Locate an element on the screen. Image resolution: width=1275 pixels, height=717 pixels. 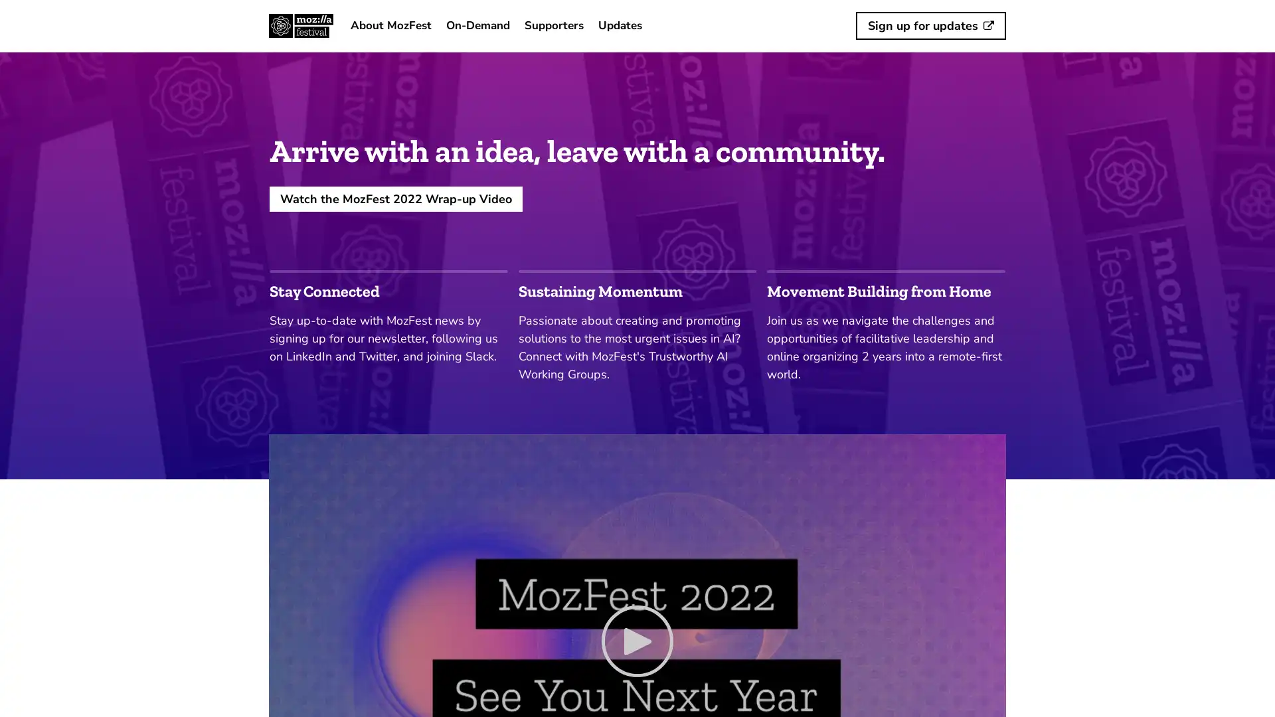
Watch the MozFest 2022 Wrap-up Video is located at coordinates (395, 199).